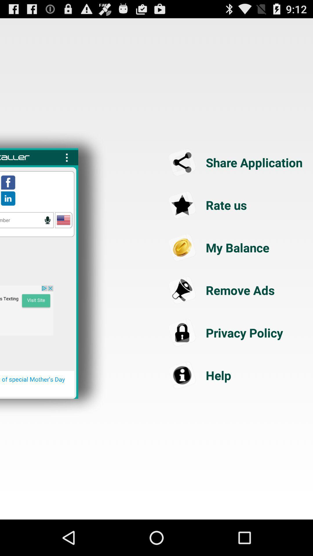 Image resolution: width=313 pixels, height=556 pixels. I want to click on click the flog, so click(63, 220).